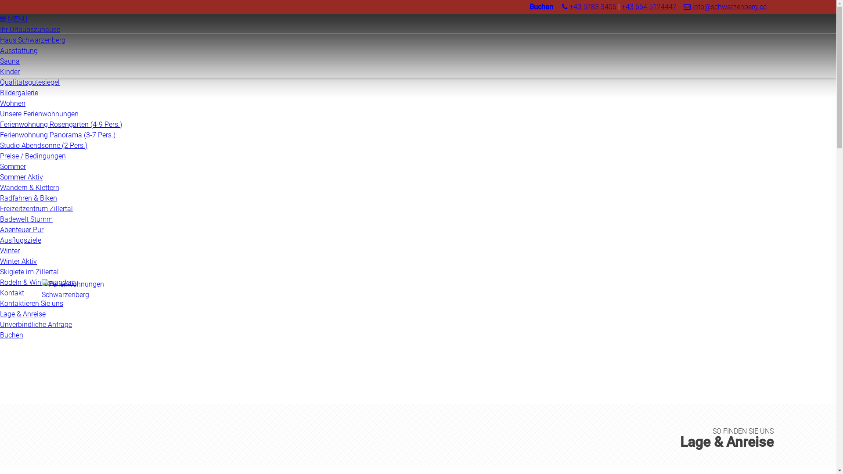 The image size is (843, 474). What do you see at coordinates (21, 240) in the screenshot?
I see `'Ausflugsziele'` at bounding box center [21, 240].